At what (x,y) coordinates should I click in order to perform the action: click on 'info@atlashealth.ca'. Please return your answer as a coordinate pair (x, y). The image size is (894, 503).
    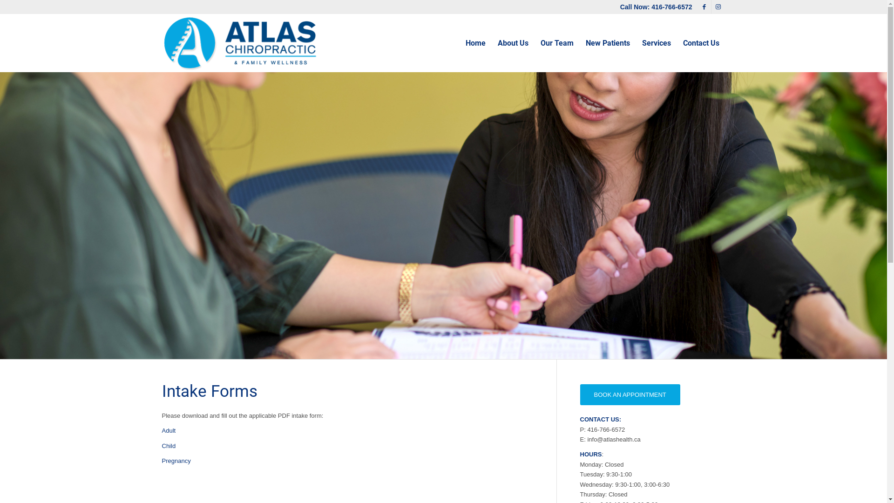
    Looking at the image, I should click on (614, 439).